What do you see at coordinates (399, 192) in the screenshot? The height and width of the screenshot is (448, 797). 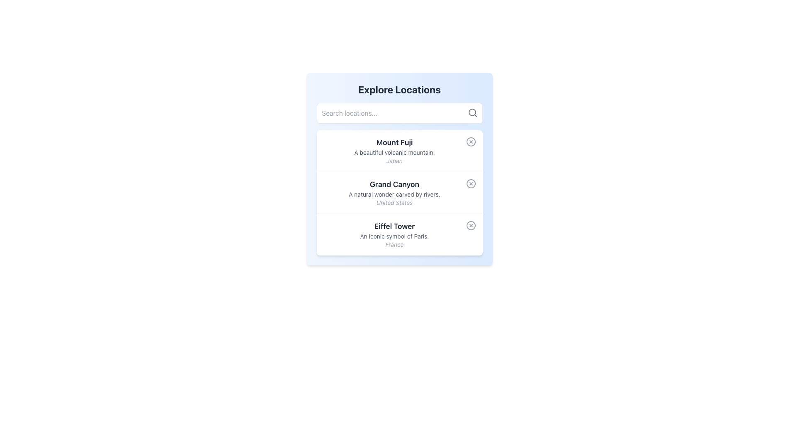 I see `text displayed on the informational card about the Grand Canyon, which is the second card in a vertically stacked list of cards` at bounding box center [399, 192].